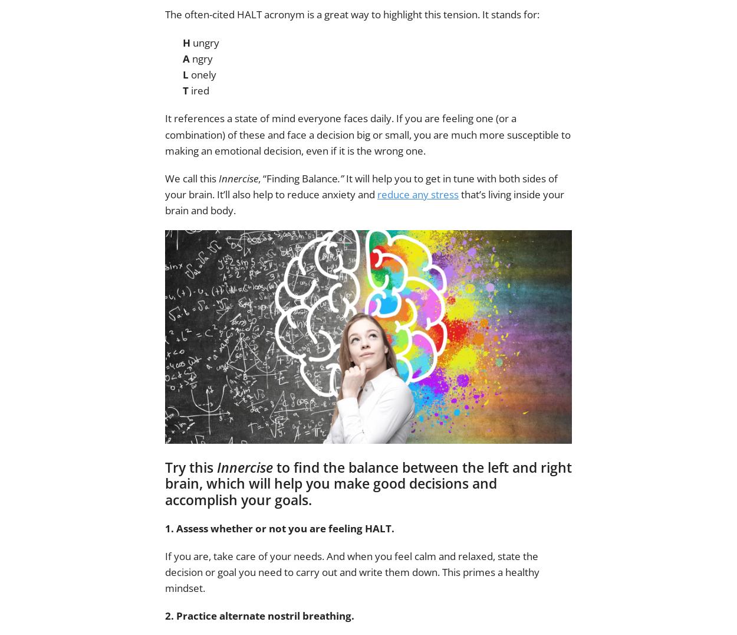 This screenshot has height=635, width=737. What do you see at coordinates (259, 616) in the screenshot?
I see `'2. Practice alternate nostril breathing.'` at bounding box center [259, 616].